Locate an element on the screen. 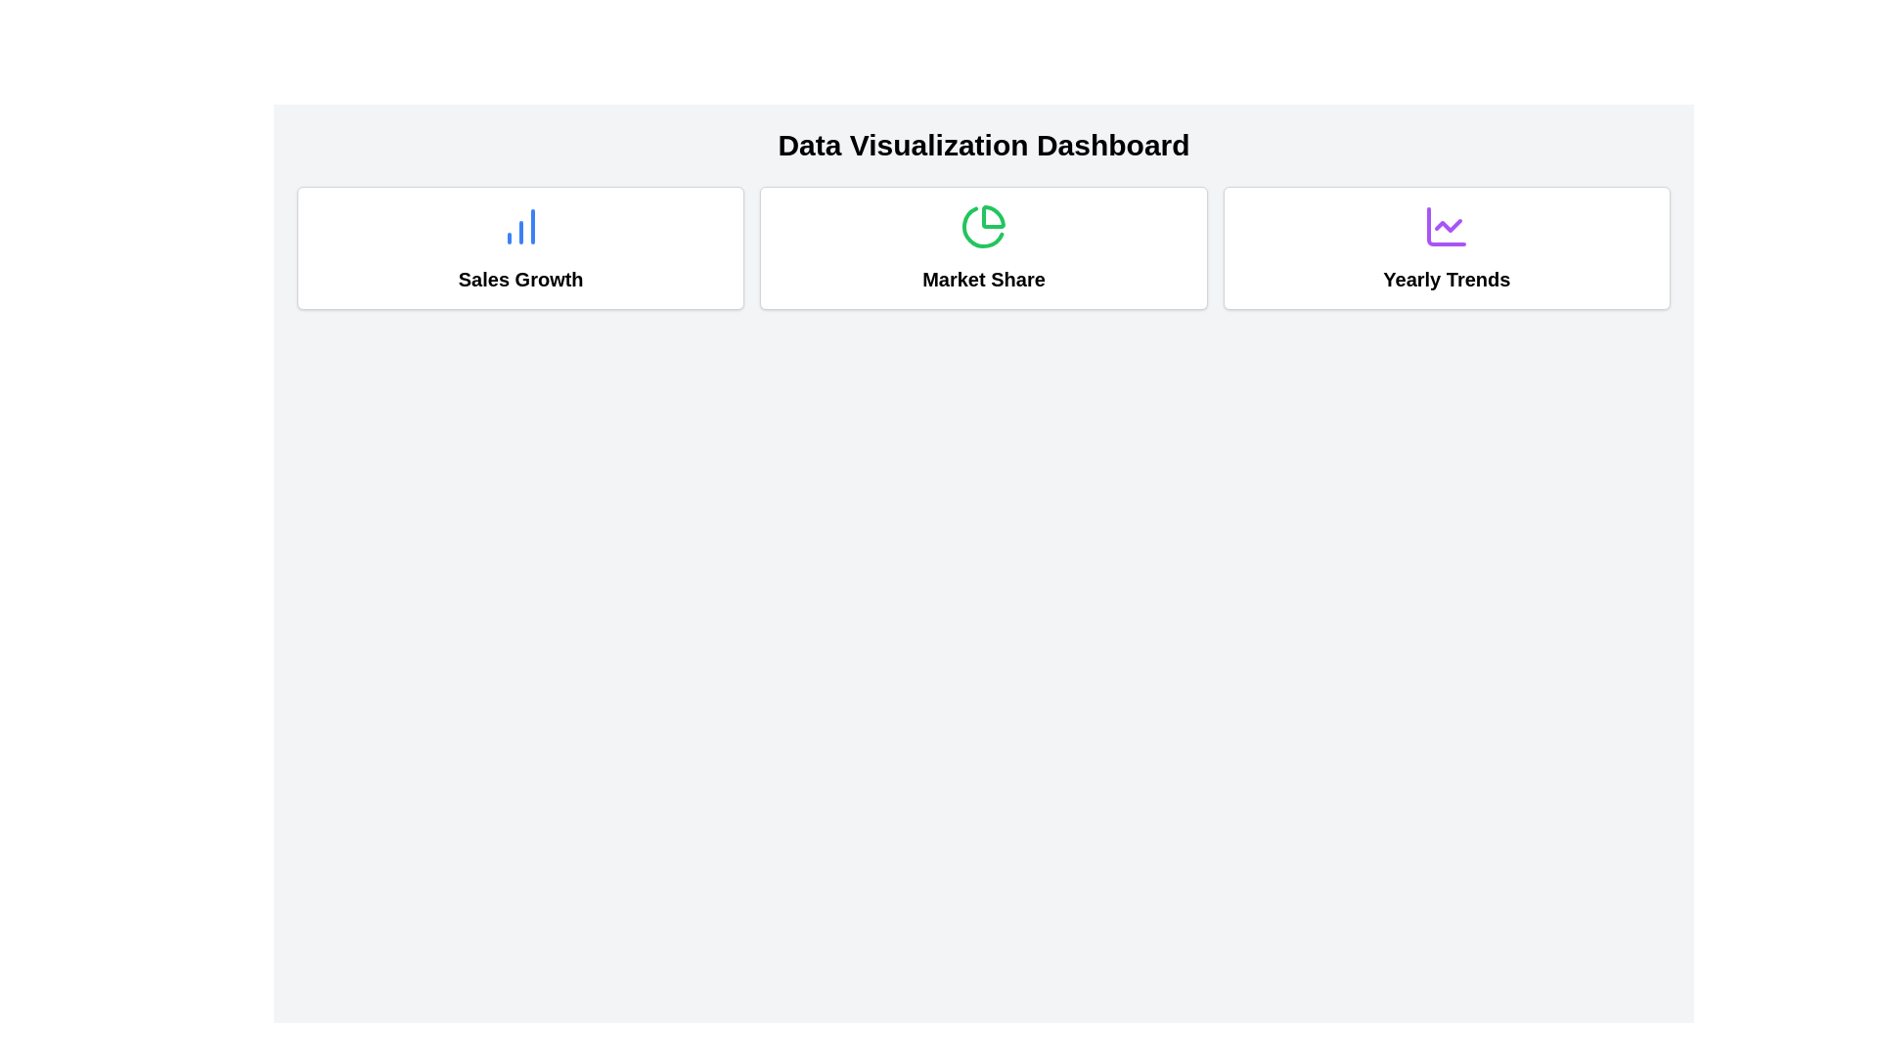  the 'Sales Growth' static text element, which is prominently displayed in bold at the bottom of its card, under a blue bar chart icon is located at coordinates (520, 279).